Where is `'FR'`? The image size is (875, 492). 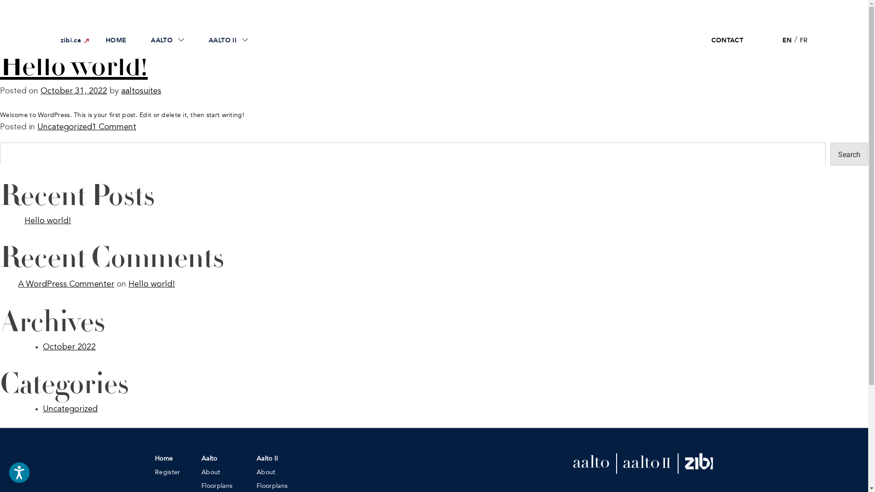 'FR' is located at coordinates (799, 40).